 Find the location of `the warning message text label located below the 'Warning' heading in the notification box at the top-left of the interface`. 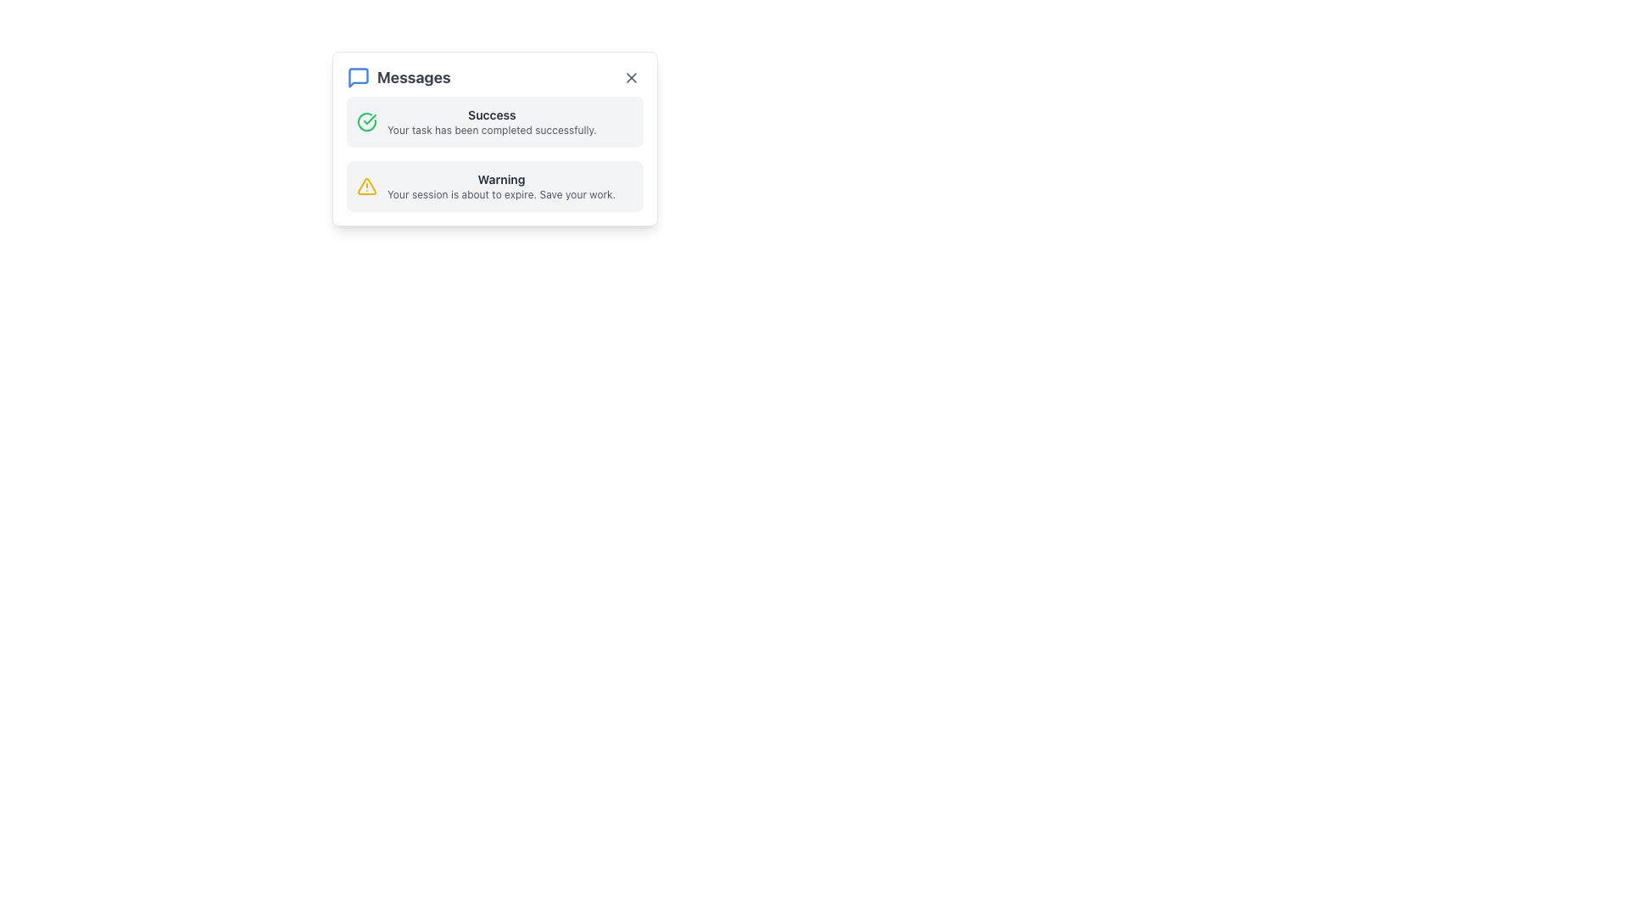

the warning message text label located below the 'Warning' heading in the notification box at the top-left of the interface is located at coordinates (500, 194).